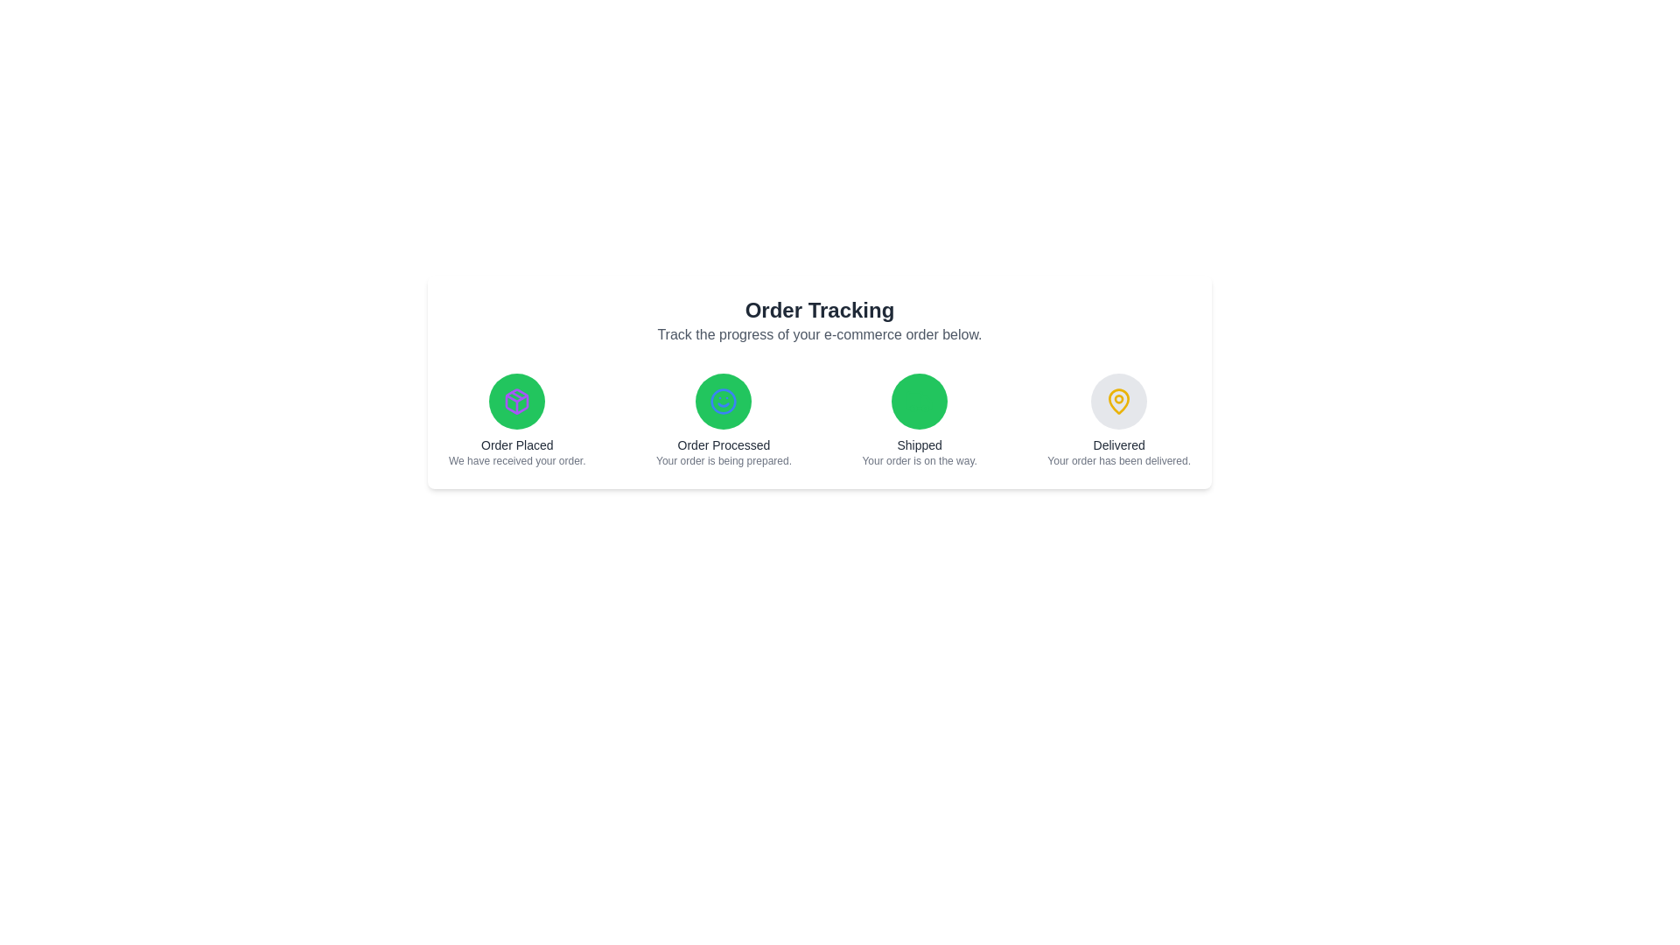  I want to click on the 'Order Placed' informative status indicator, which is the first item in a horizontal sequence of four elements representing different stages of the order tracking process, so click(516, 421).